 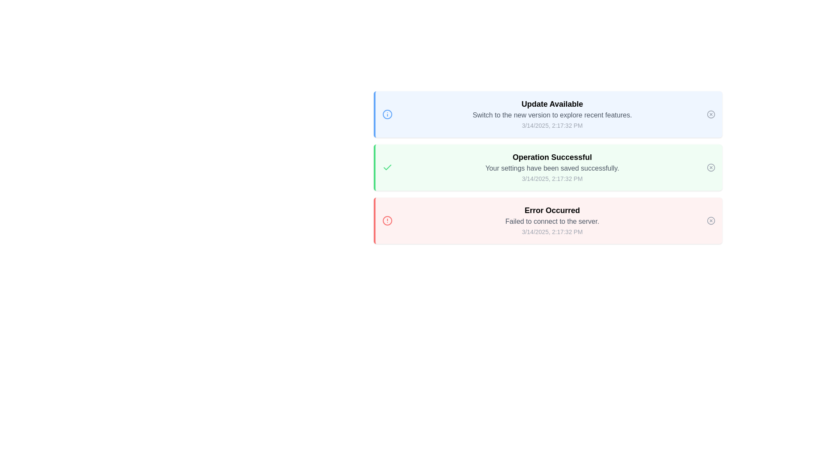 What do you see at coordinates (711, 219) in the screenshot?
I see `the central circular component of the graphical icon located in the bottom-right corner of the red notification panel` at bounding box center [711, 219].